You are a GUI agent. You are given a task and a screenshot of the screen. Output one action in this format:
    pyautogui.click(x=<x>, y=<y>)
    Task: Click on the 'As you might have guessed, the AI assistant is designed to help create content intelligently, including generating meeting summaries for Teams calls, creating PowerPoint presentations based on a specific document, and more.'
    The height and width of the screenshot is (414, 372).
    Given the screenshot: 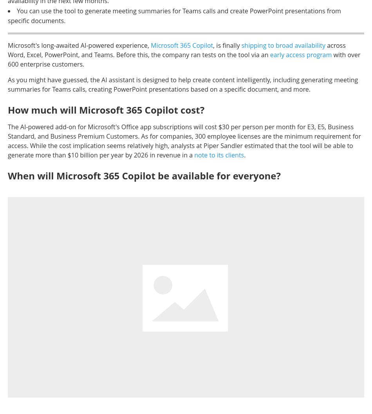 What is the action you would take?
    pyautogui.click(x=182, y=84)
    